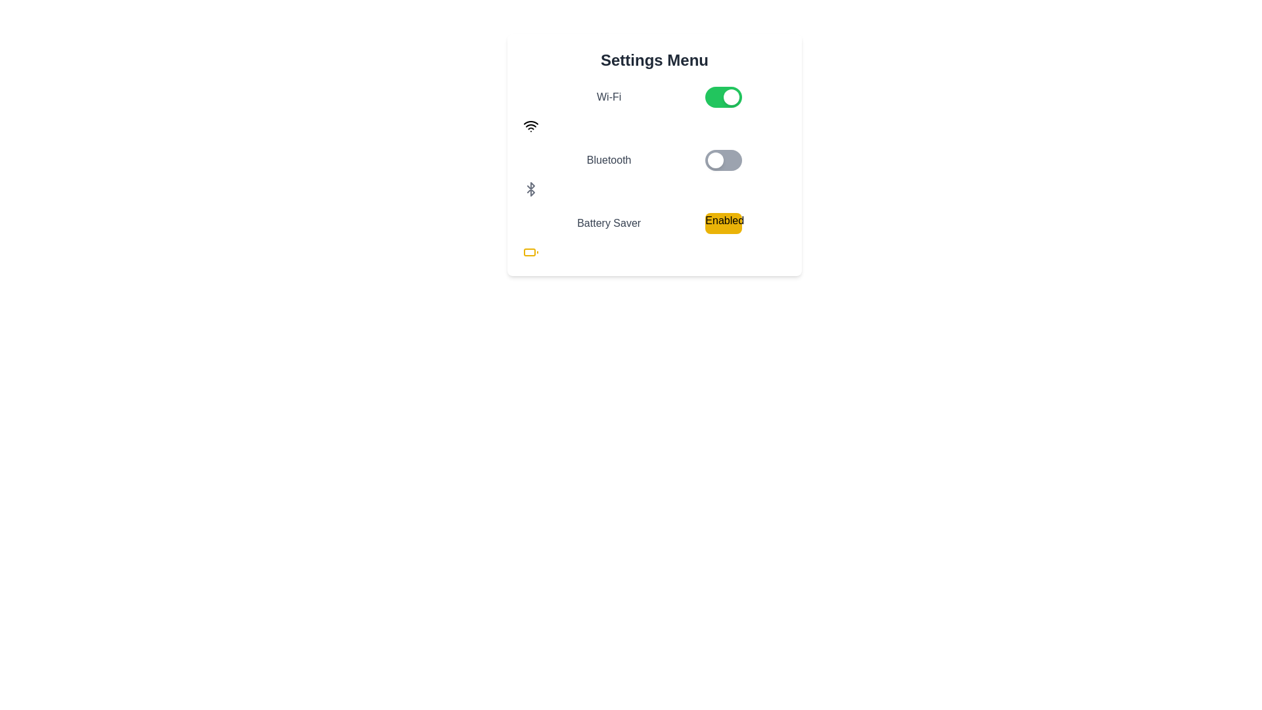  I want to click on the second static label in the vertical list that identifies the Bluetooth functionality, located between the 'Wi-Fi' and 'Battery Saver' labels, so click(608, 159).